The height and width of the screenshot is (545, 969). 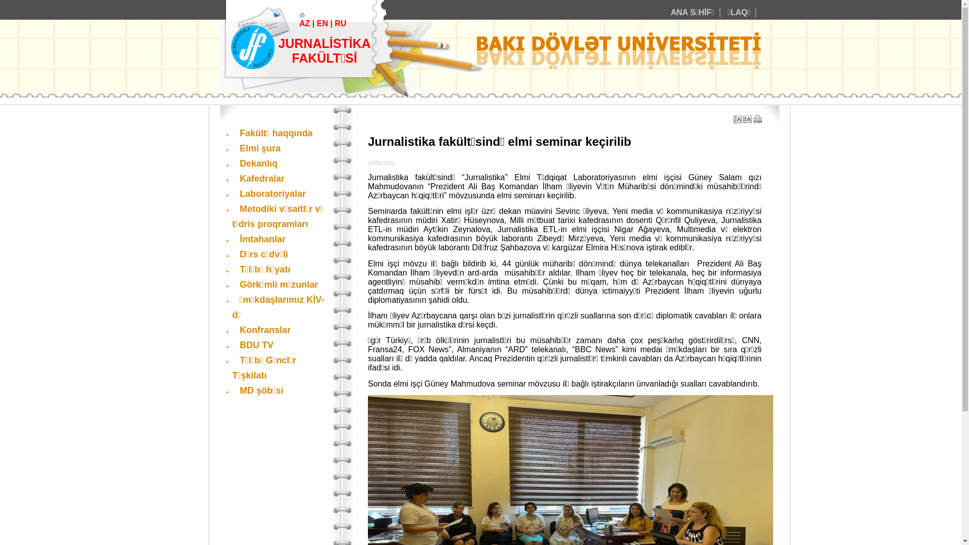 What do you see at coordinates (258, 178) in the screenshot?
I see `'Kafedralar'` at bounding box center [258, 178].